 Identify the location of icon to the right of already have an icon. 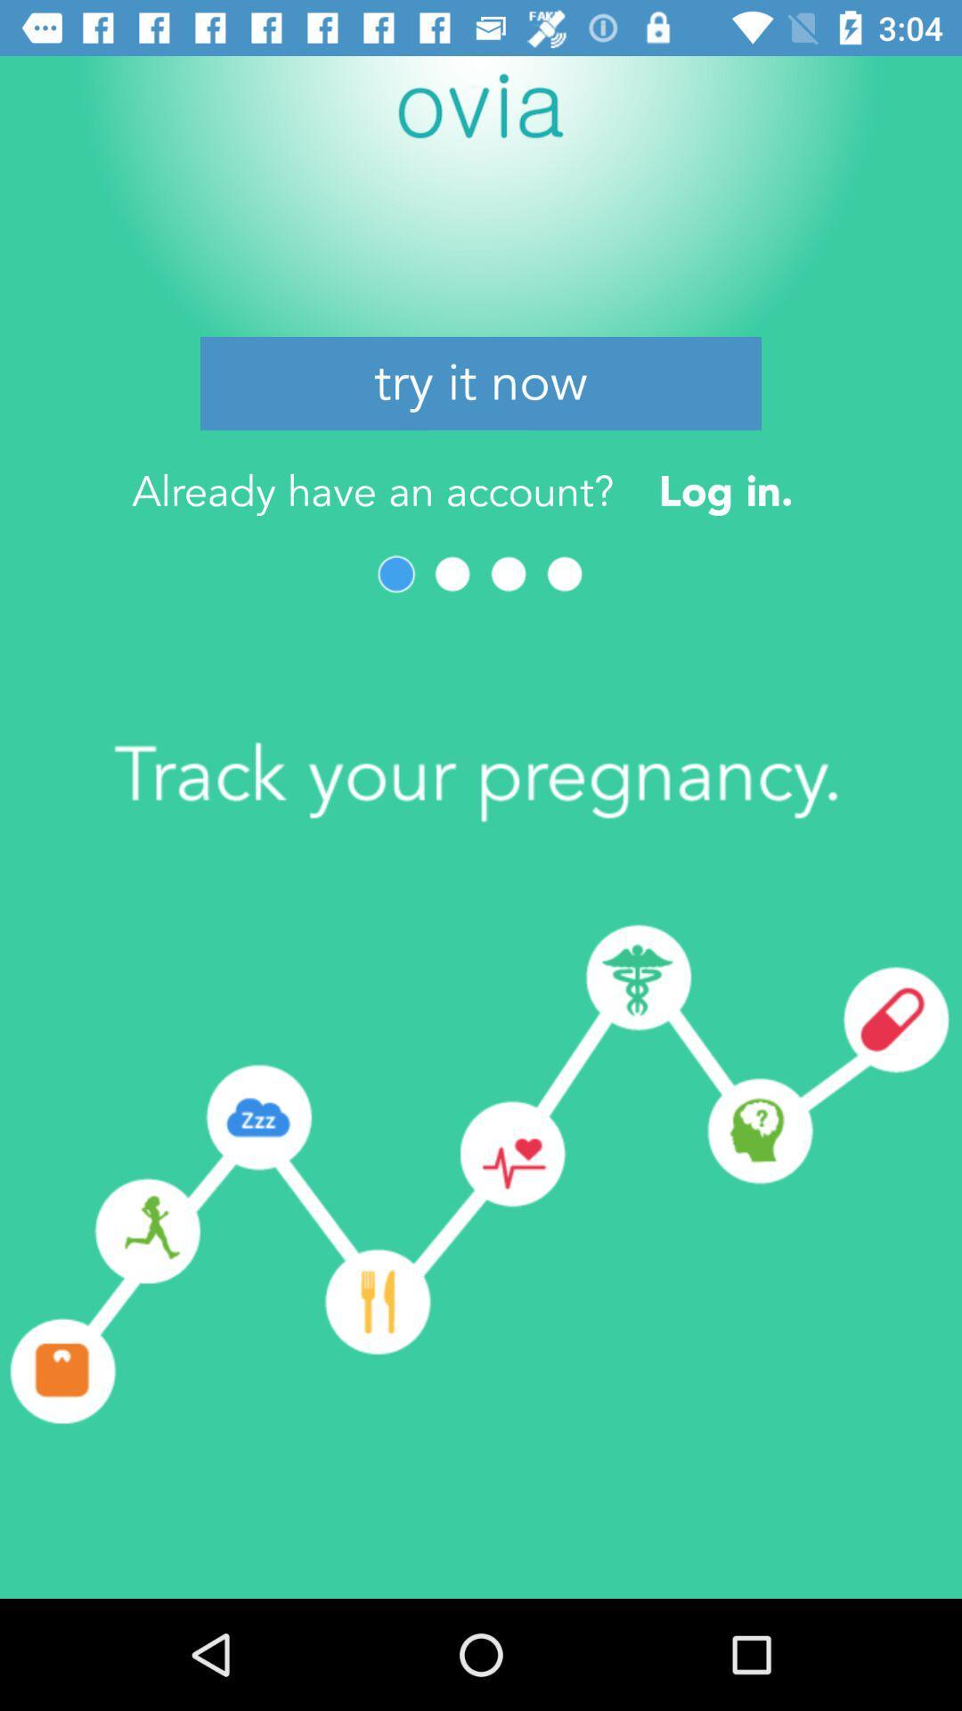
(726, 491).